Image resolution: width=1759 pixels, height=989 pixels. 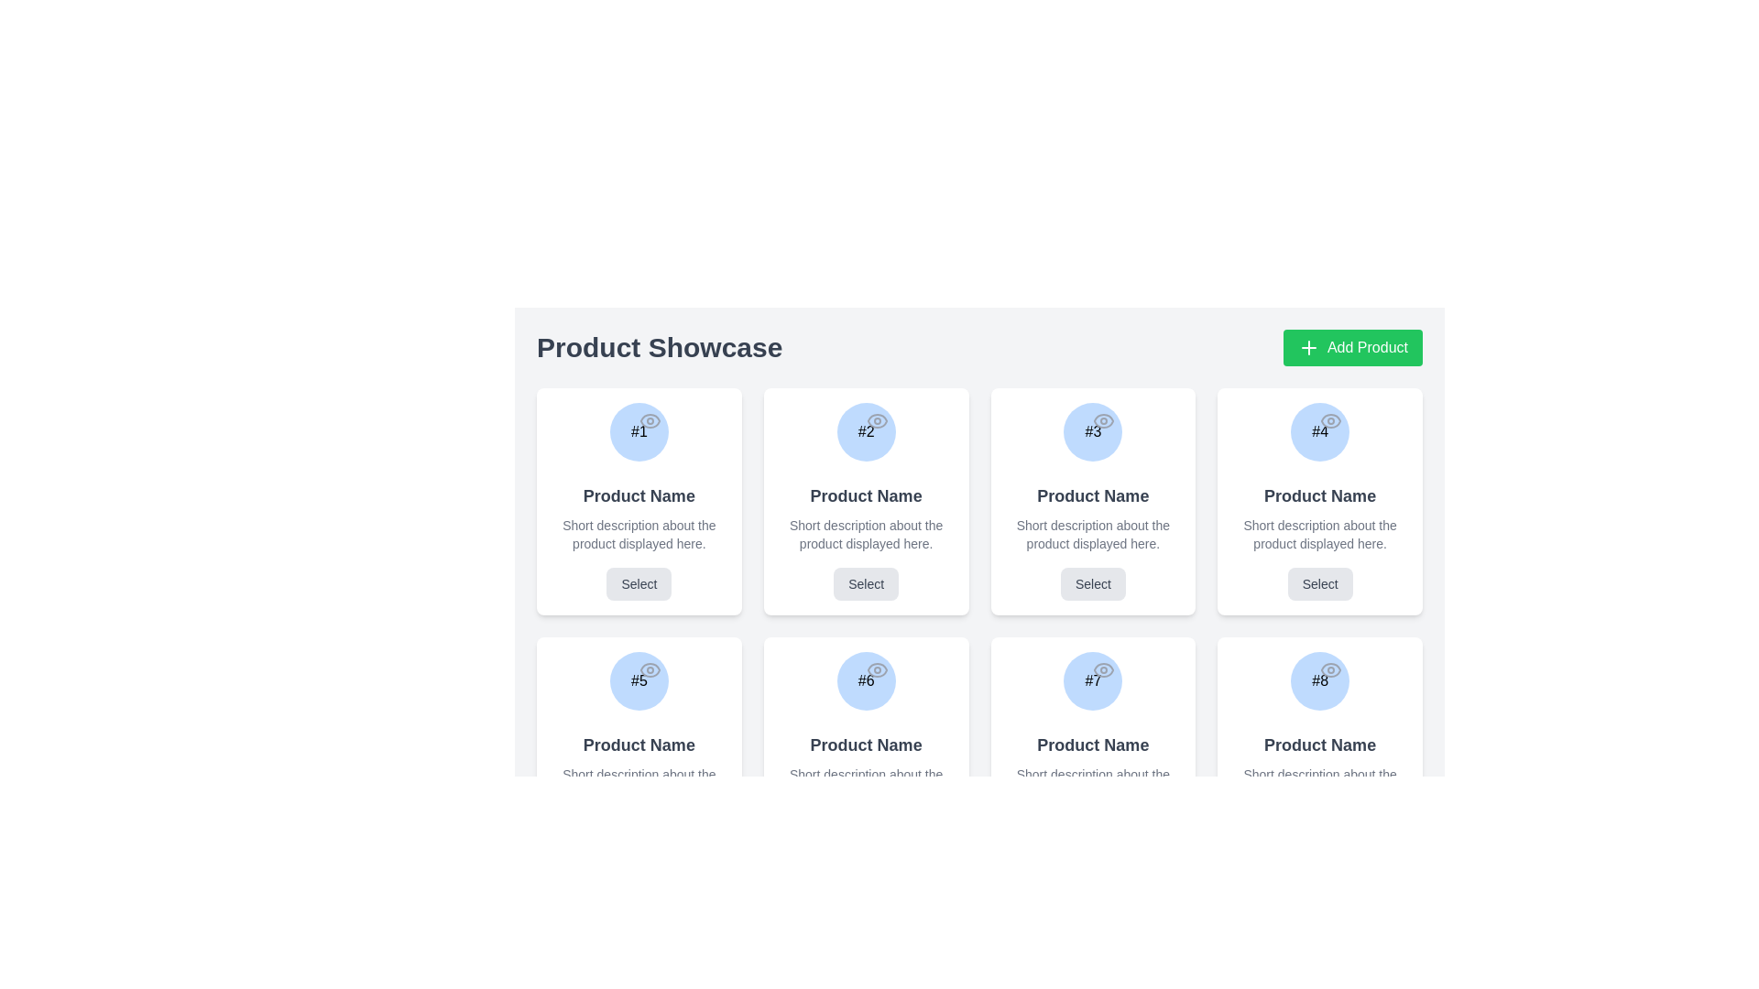 I want to click on the visual badge labeled '#8' located in the bottom-right position of a card in a two-row grid layout, so click(x=1320, y=681).